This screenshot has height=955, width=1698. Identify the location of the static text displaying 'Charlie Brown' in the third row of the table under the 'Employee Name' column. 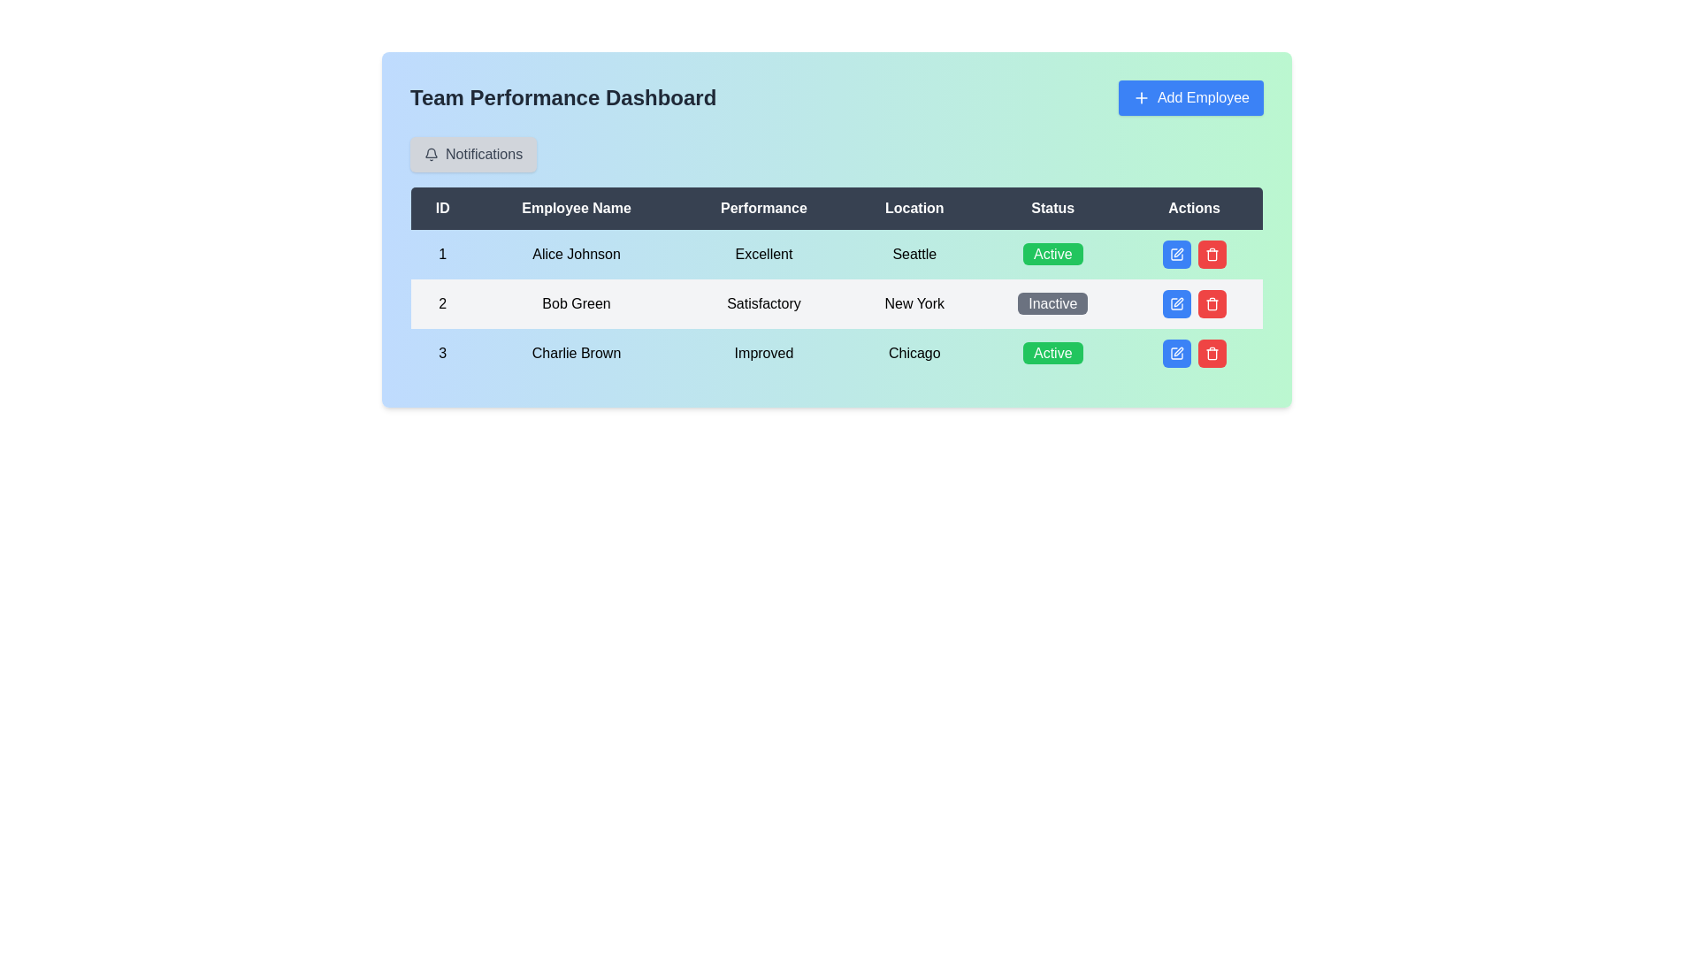
(577, 354).